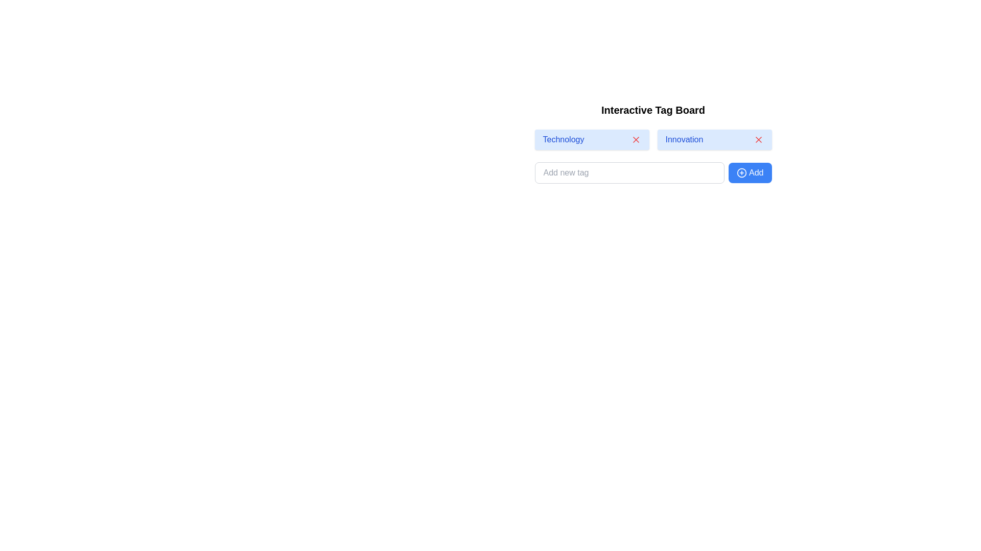  What do you see at coordinates (635, 139) in the screenshot?
I see `the deletion button associated with the 'Technology' tag` at bounding box center [635, 139].